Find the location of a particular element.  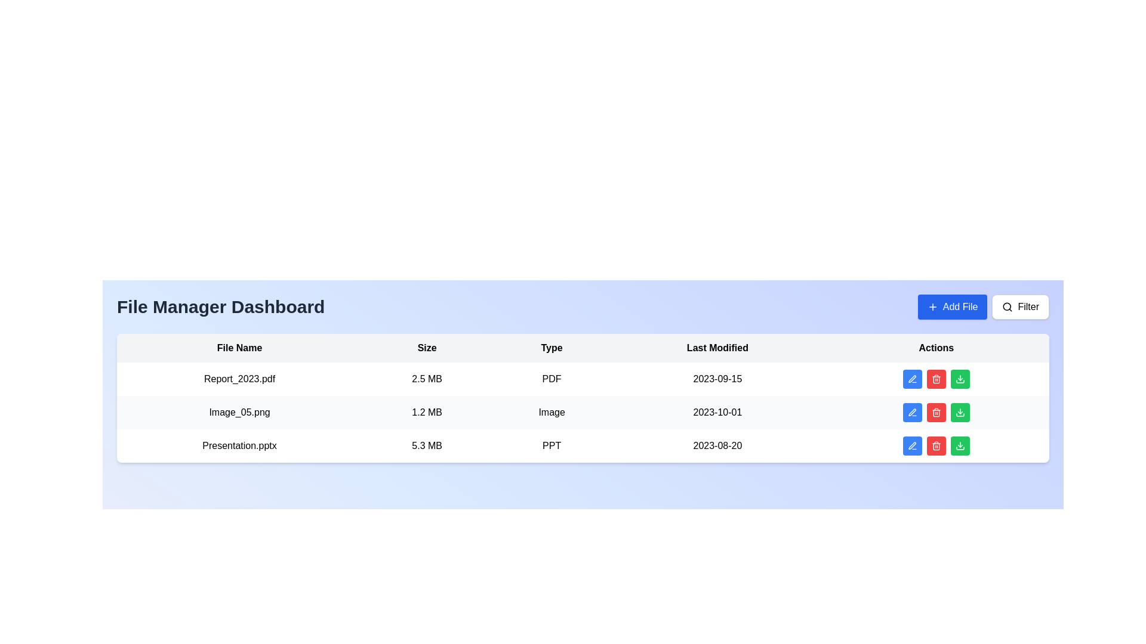

the delete icon button located in the 'Actions' column of the second row in the data table is located at coordinates (935, 411).